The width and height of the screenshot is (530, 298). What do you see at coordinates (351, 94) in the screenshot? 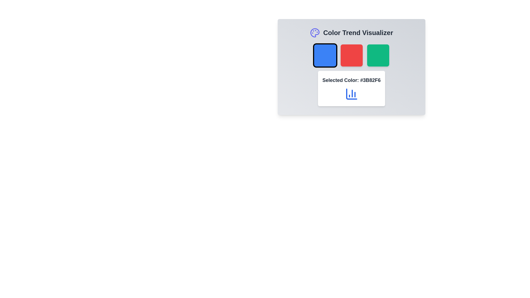
I see `the icon that represents data visualization, located at the center of the white rectangular section beneath the text 'Selected Color: #3B82F6'` at bounding box center [351, 94].